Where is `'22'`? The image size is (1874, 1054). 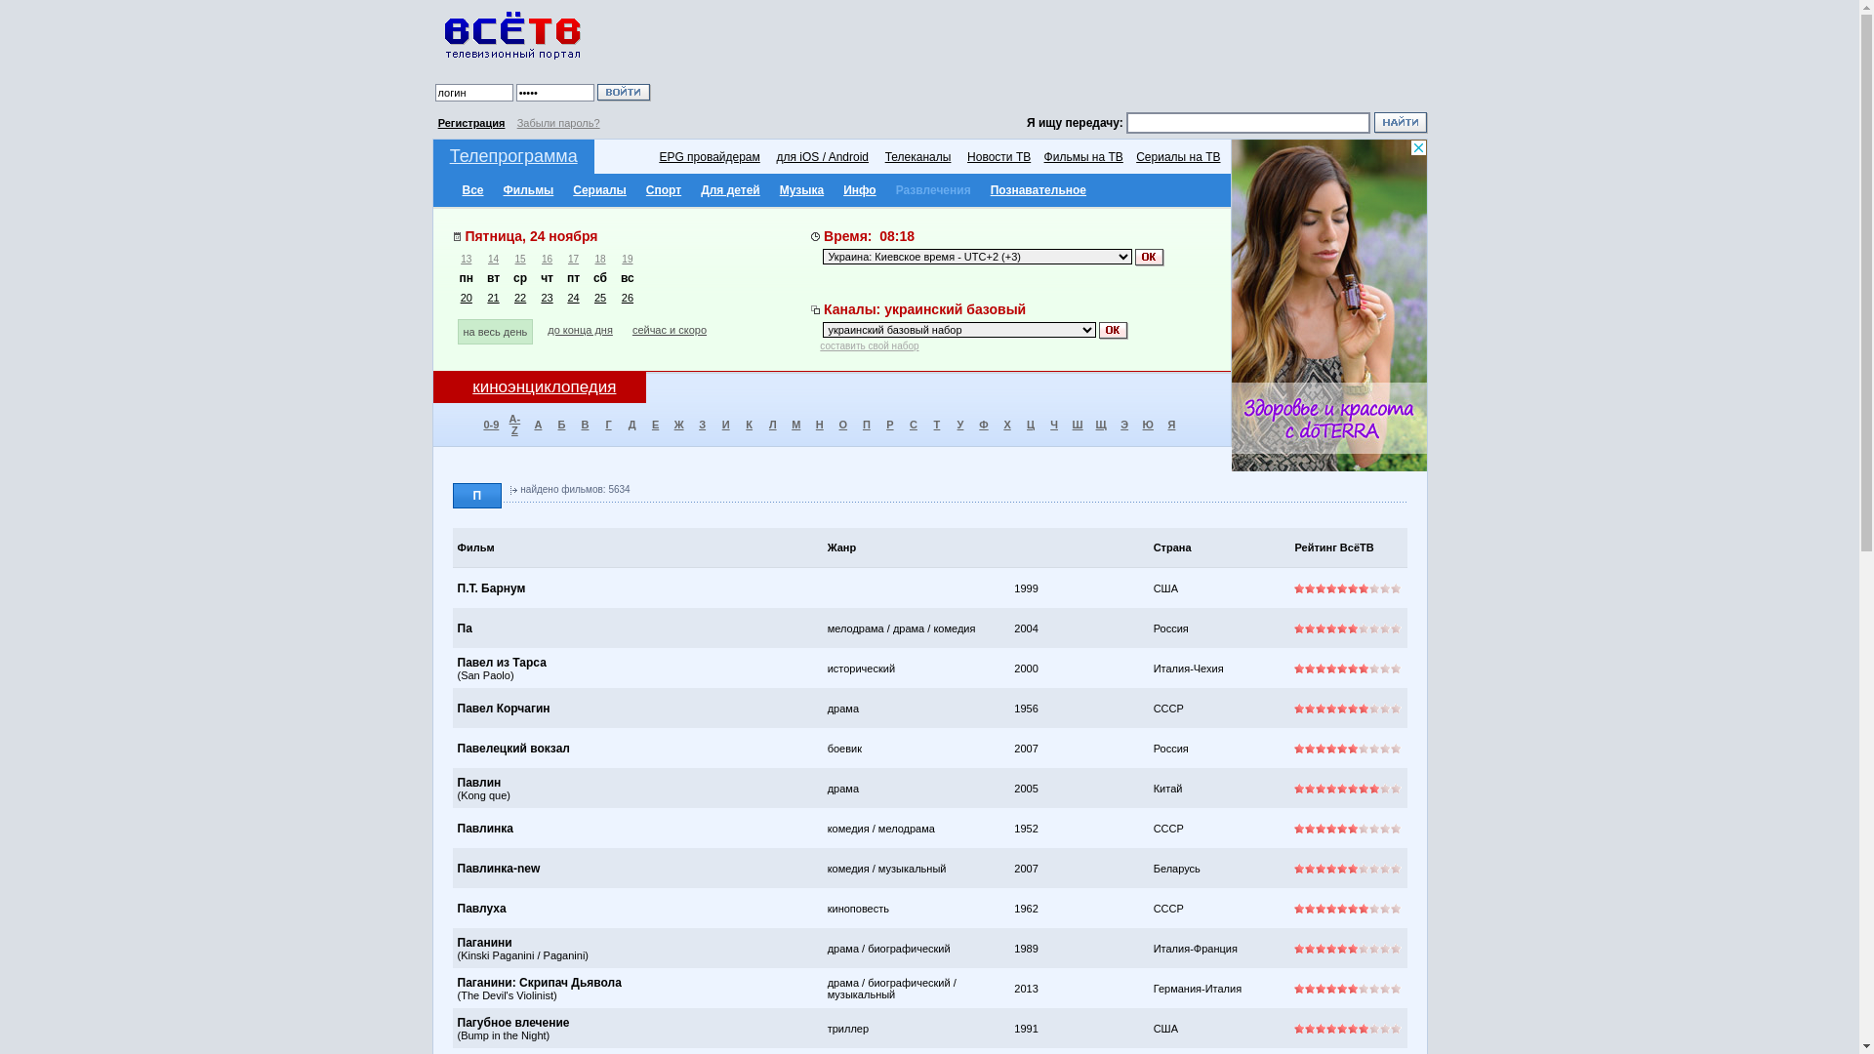
'22' is located at coordinates (519, 297).